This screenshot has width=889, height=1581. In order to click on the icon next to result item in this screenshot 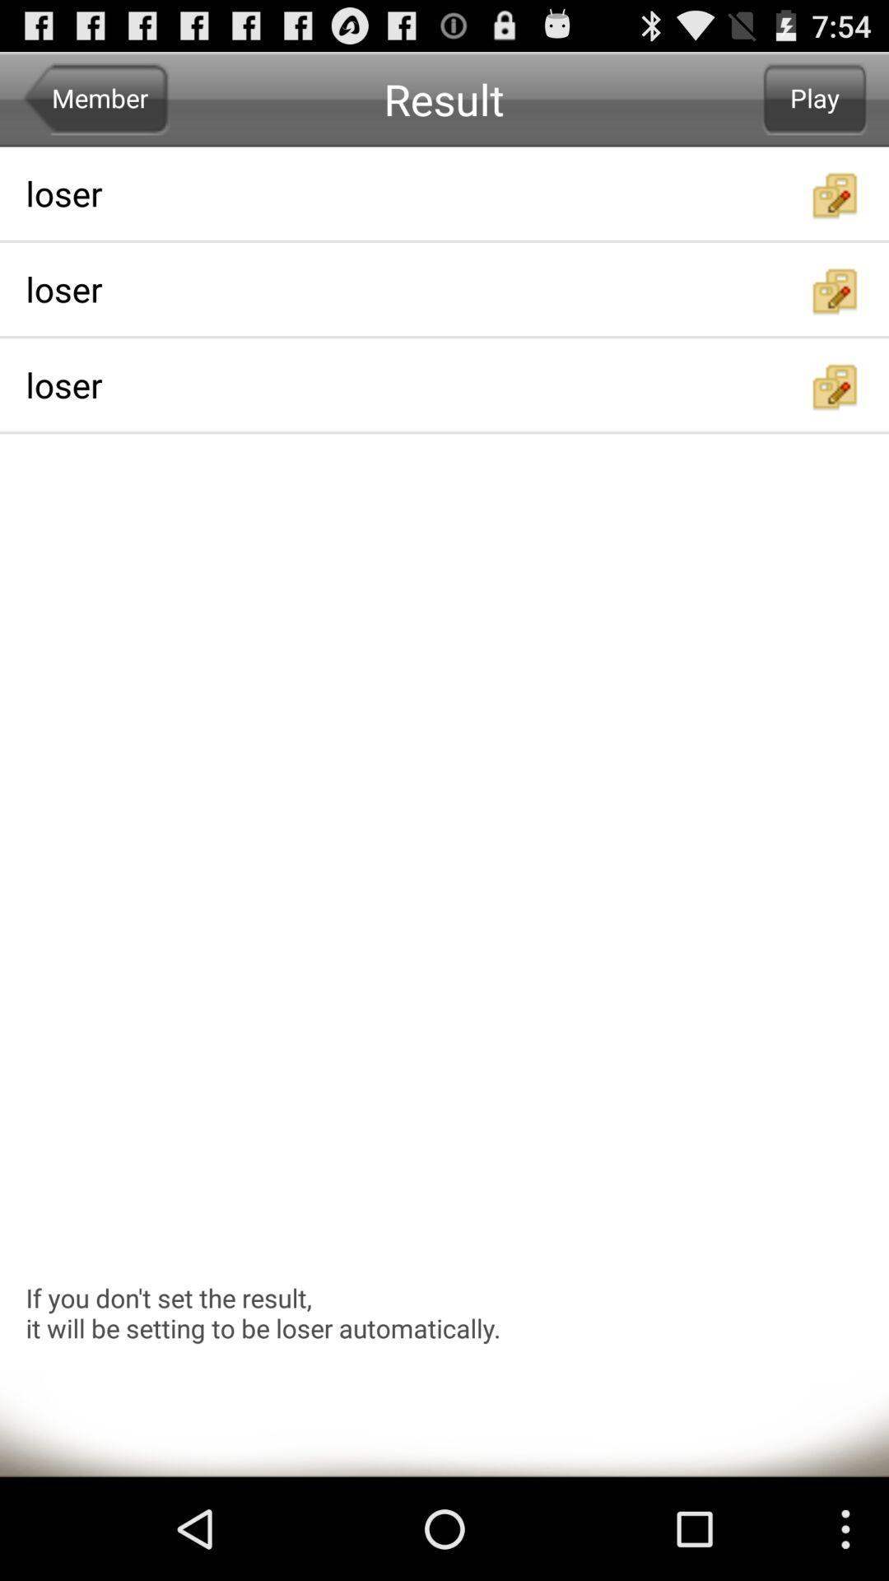, I will do `click(815, 98)`.